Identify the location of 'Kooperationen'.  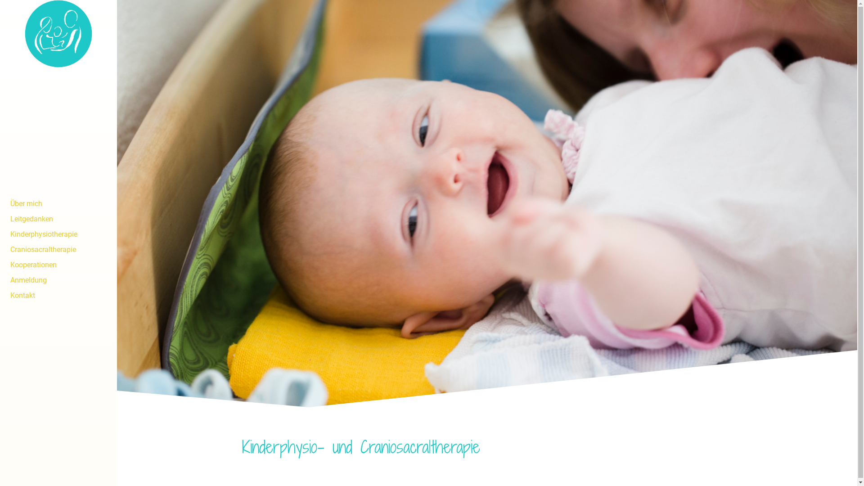
(58, 264).